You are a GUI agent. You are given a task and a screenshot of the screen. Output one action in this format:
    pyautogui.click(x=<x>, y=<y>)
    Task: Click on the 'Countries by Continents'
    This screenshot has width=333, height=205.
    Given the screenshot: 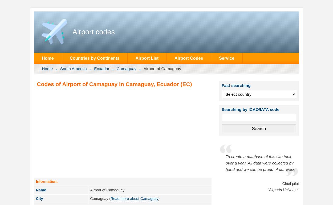 What is the action you would take?
    pyautogui.click(x=94, y=58)
    